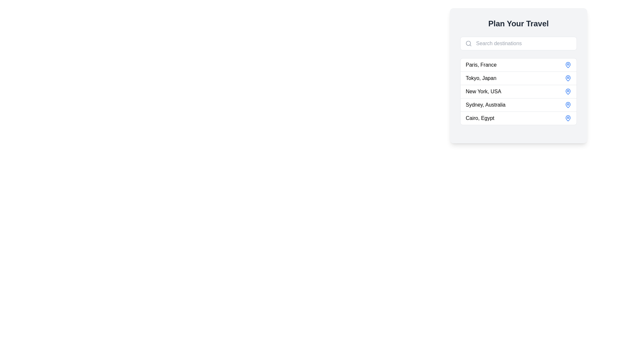 The image size is (624, 351). I want to click on the blue map pin icon that is right-aligned within the list item labeled 'Sydney, Australia', so click(567, 105).